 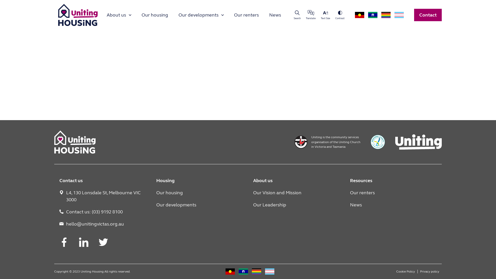 I want to click on 'Uniting', so click(x=419, y=142).